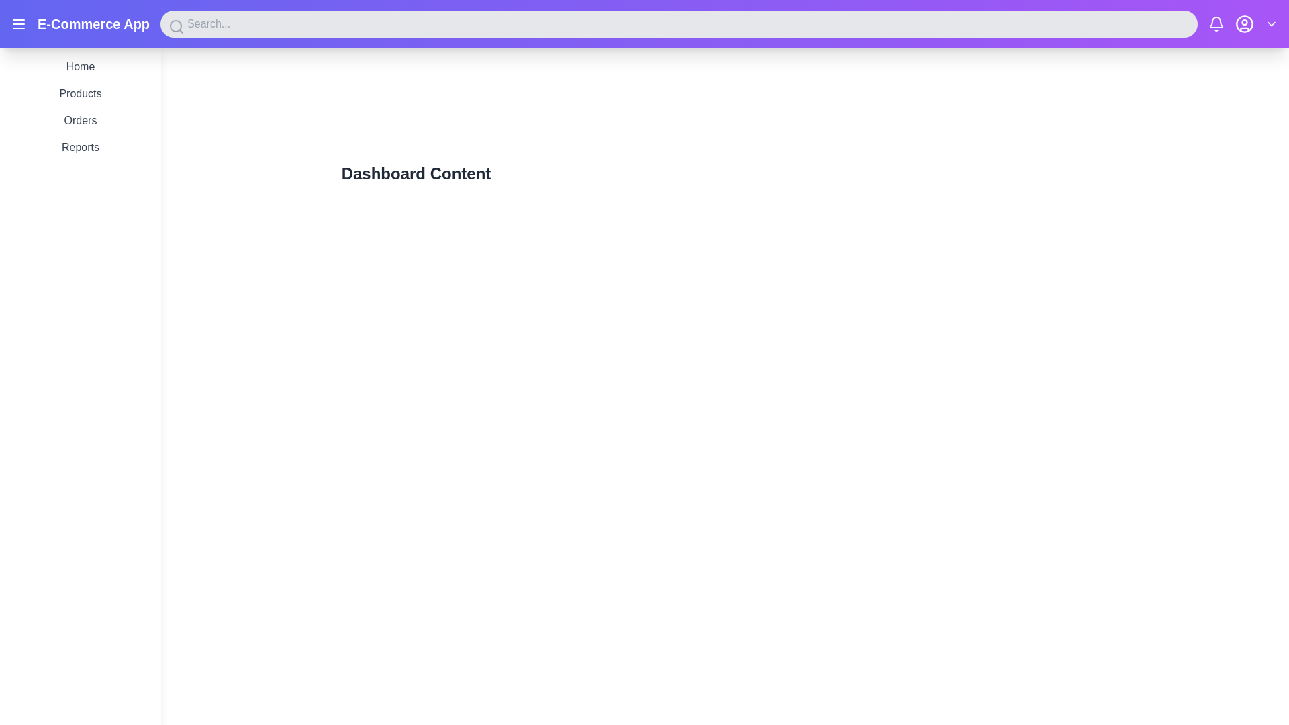 This screenshot has width=1289, height=725. I want to click on the 'Home' text-based interactive navigation link, which is styled in dark gray and positioned at the top of the navigation section, so click(80, 67).